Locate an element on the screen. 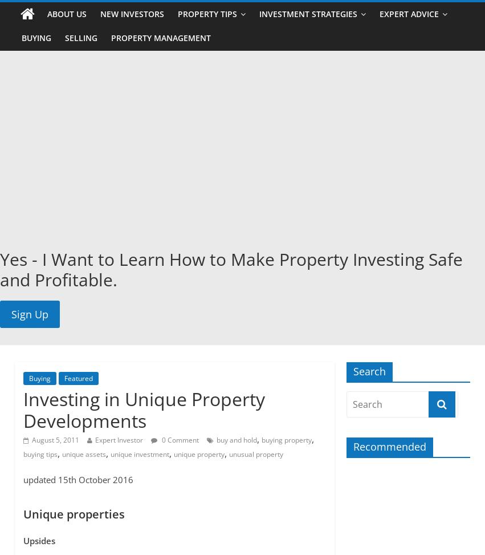 This screenshot has width=485, height=555. 'Investing in Unique Property Developments' is located at coordinates (142, 409).